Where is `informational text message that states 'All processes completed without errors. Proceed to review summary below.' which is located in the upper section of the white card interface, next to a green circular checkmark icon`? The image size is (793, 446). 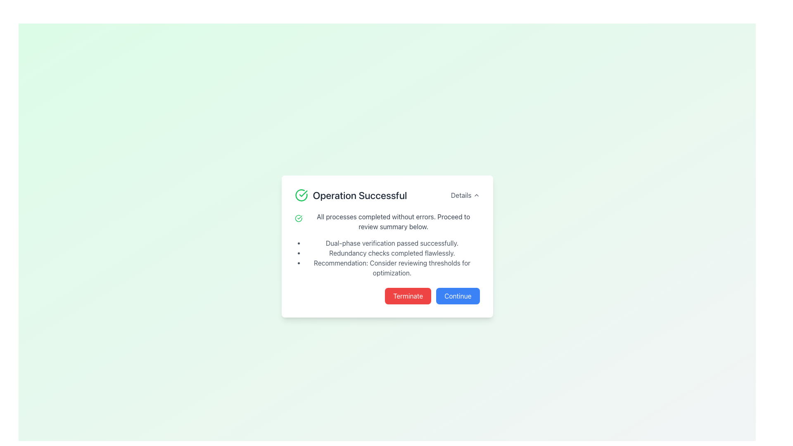
informational text message that states 'All processes completed without errors. Proceed to review summary below.' which is located in the upper section of the white card interface, next to a green circular checkmark icon is located at coordinates (387, 221).